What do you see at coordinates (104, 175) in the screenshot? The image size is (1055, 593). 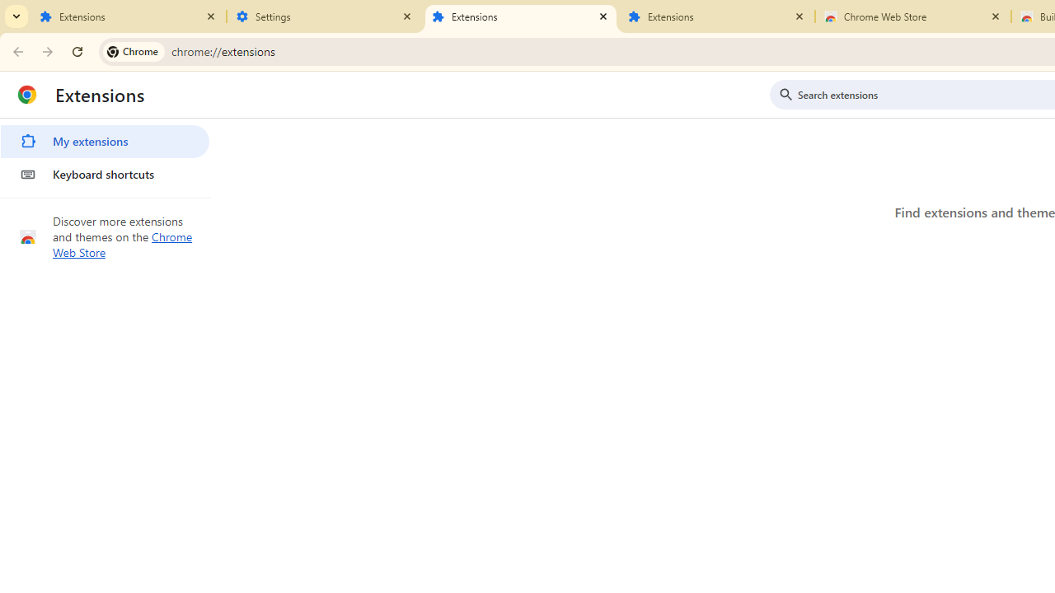 I see `'Keyboard shortcuts'` at bounding box center [104, 175].